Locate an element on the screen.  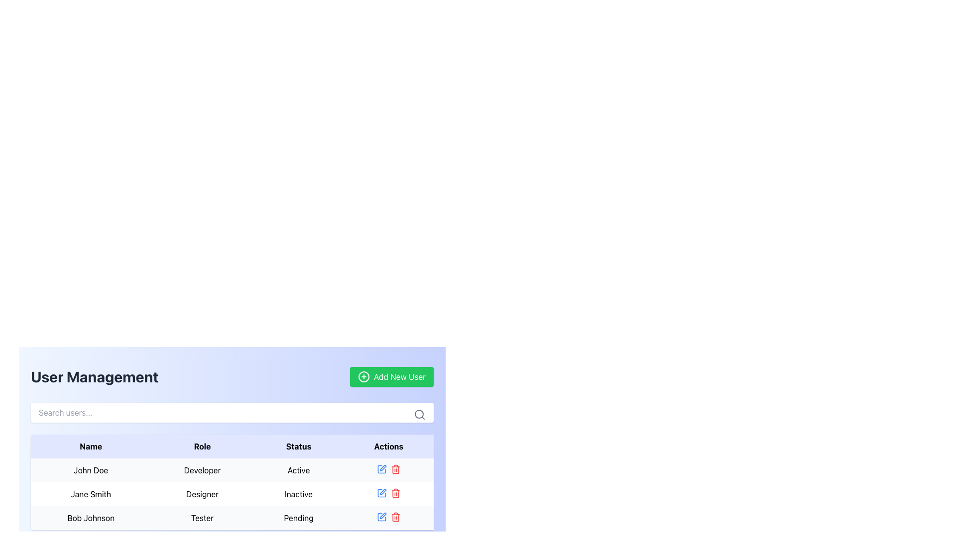
the trash icon in the Actions column is located at coordinates (388, 493).